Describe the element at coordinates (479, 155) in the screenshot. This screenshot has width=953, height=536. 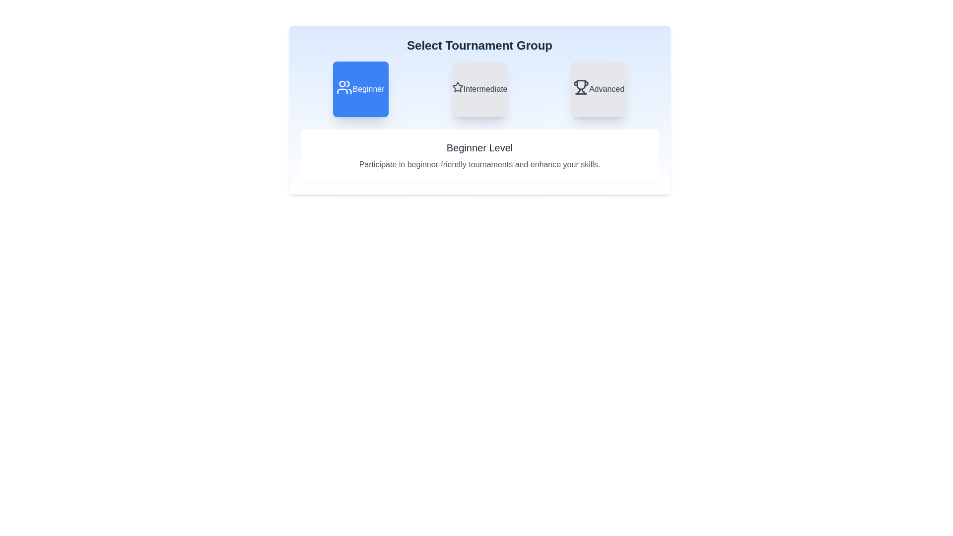
I see `the Informational Section that provides information about beginner level tournaments, located centrally beneath the buttons labeled 'Beginner,' 'Intermediate,' and 'Advanced.'` at that location.